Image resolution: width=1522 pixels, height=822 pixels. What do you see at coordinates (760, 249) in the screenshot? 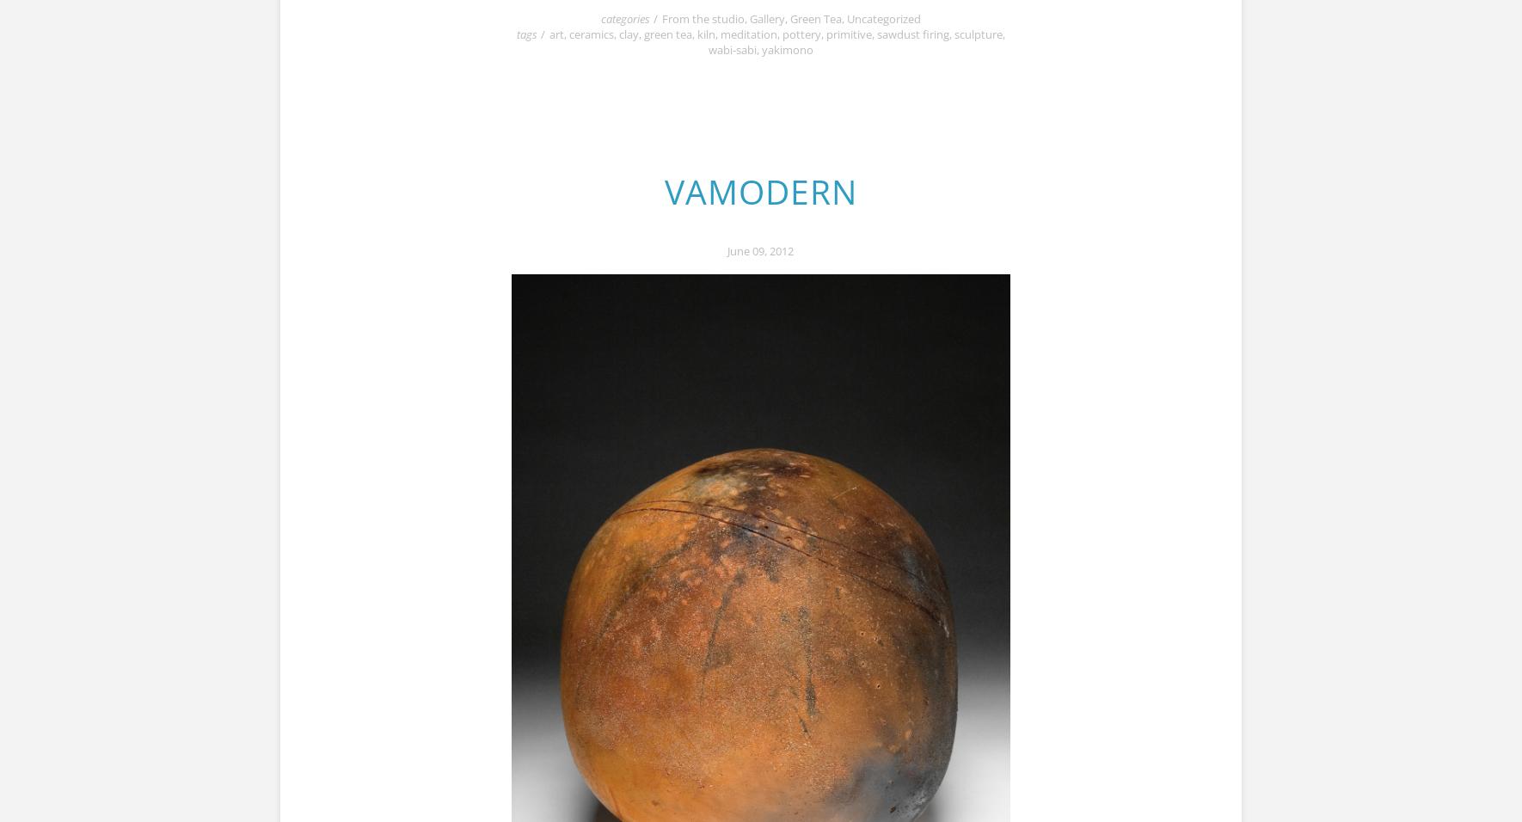
I see `'June 09, 2012'` at bounding box center [760, 249].